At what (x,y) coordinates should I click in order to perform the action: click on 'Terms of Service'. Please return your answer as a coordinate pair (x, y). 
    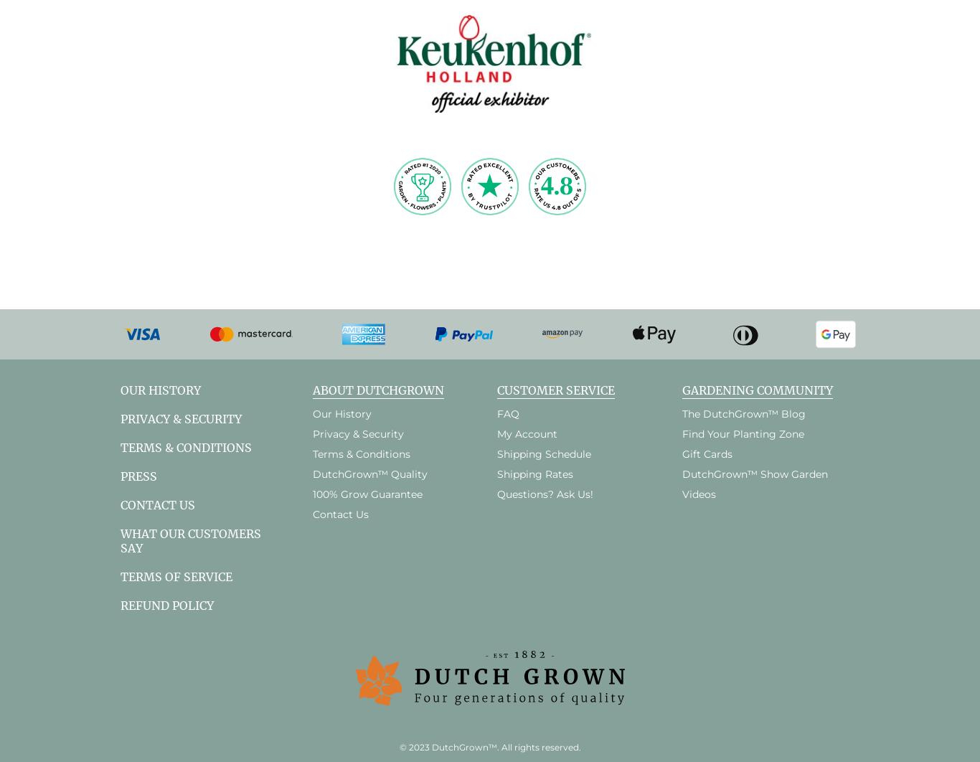
    Looking at the image, I should click on (176, 575).